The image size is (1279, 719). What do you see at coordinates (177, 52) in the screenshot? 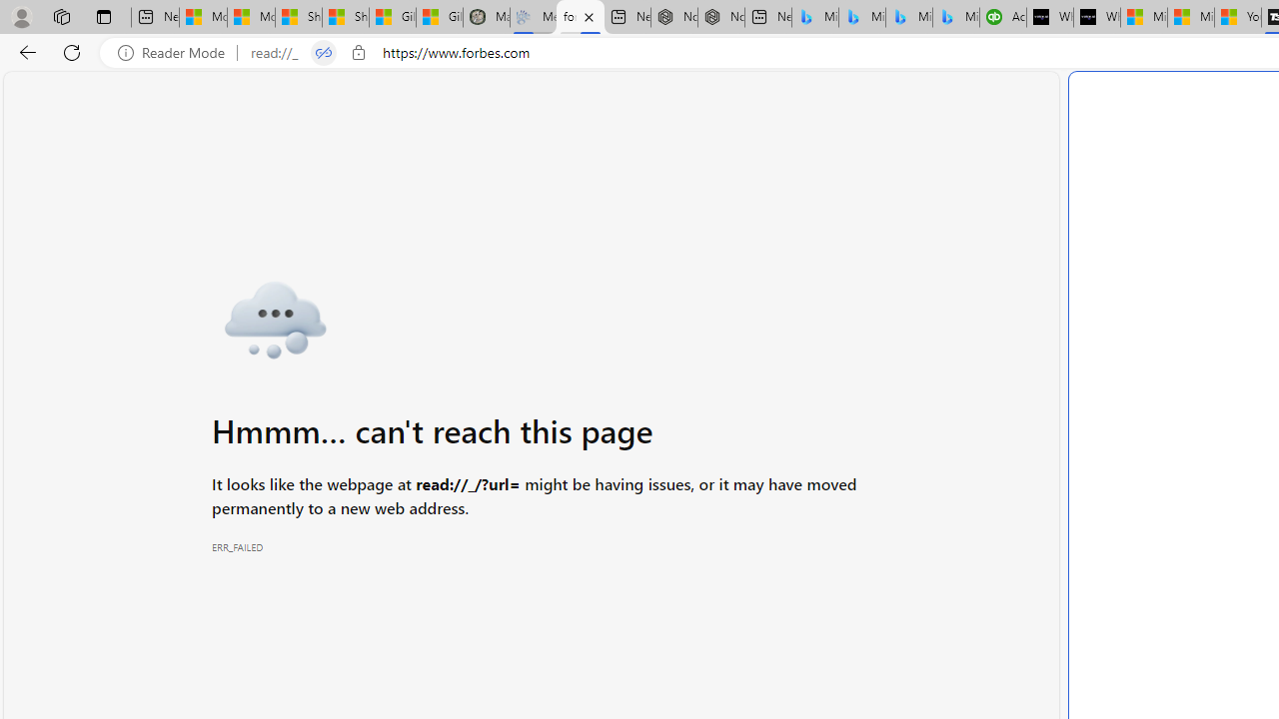
I see `'Reader Mode'` at bounding box center [177, 52].